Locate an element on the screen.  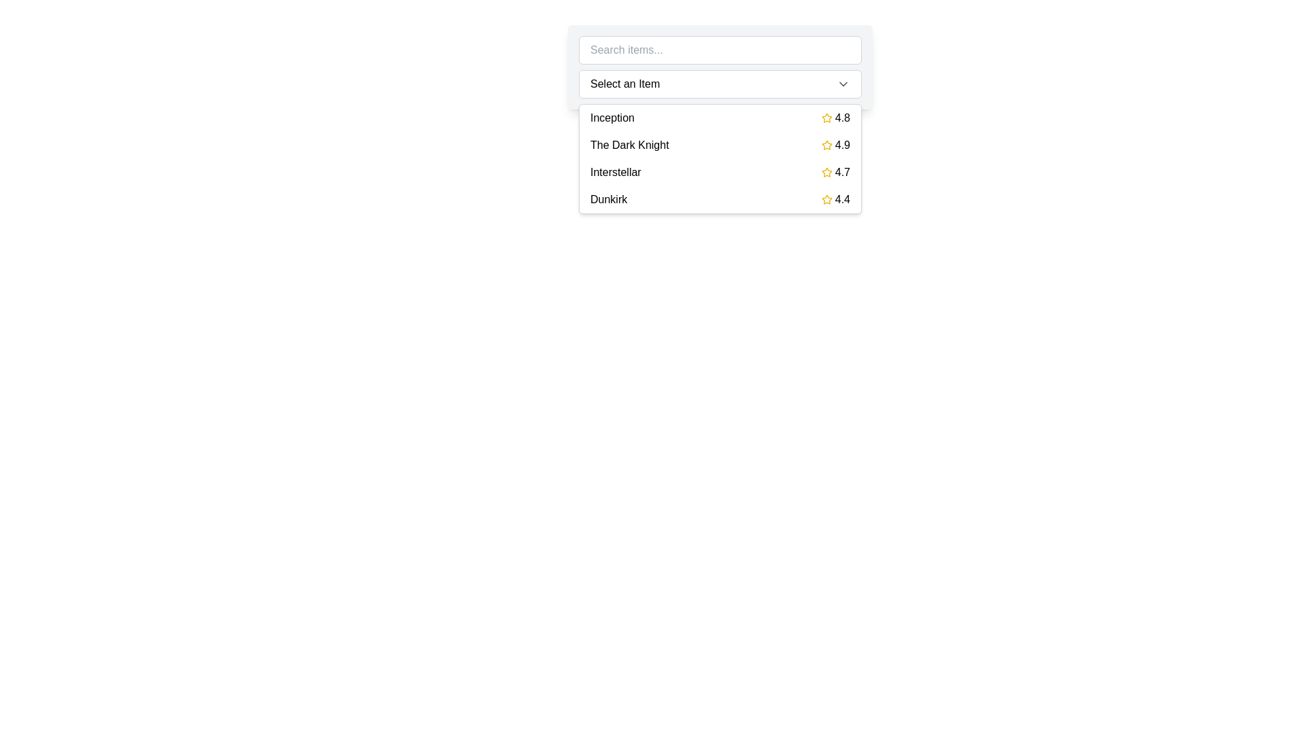
the yellow star icon or the rating text '4.4' in the Rating display component for the movie 'Dunkirk' is located at coordinates (835, 199).